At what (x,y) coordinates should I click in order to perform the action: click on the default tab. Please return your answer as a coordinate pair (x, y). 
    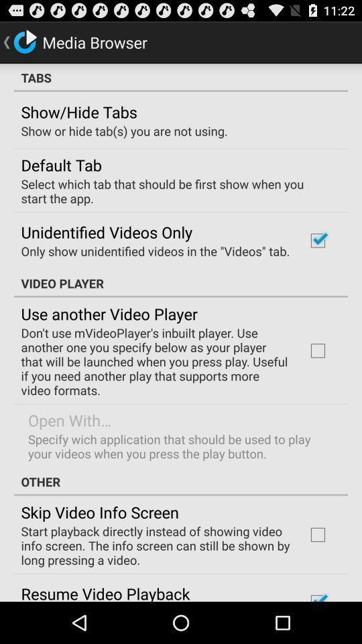
    Looking at the image, I should click on (60, 164).